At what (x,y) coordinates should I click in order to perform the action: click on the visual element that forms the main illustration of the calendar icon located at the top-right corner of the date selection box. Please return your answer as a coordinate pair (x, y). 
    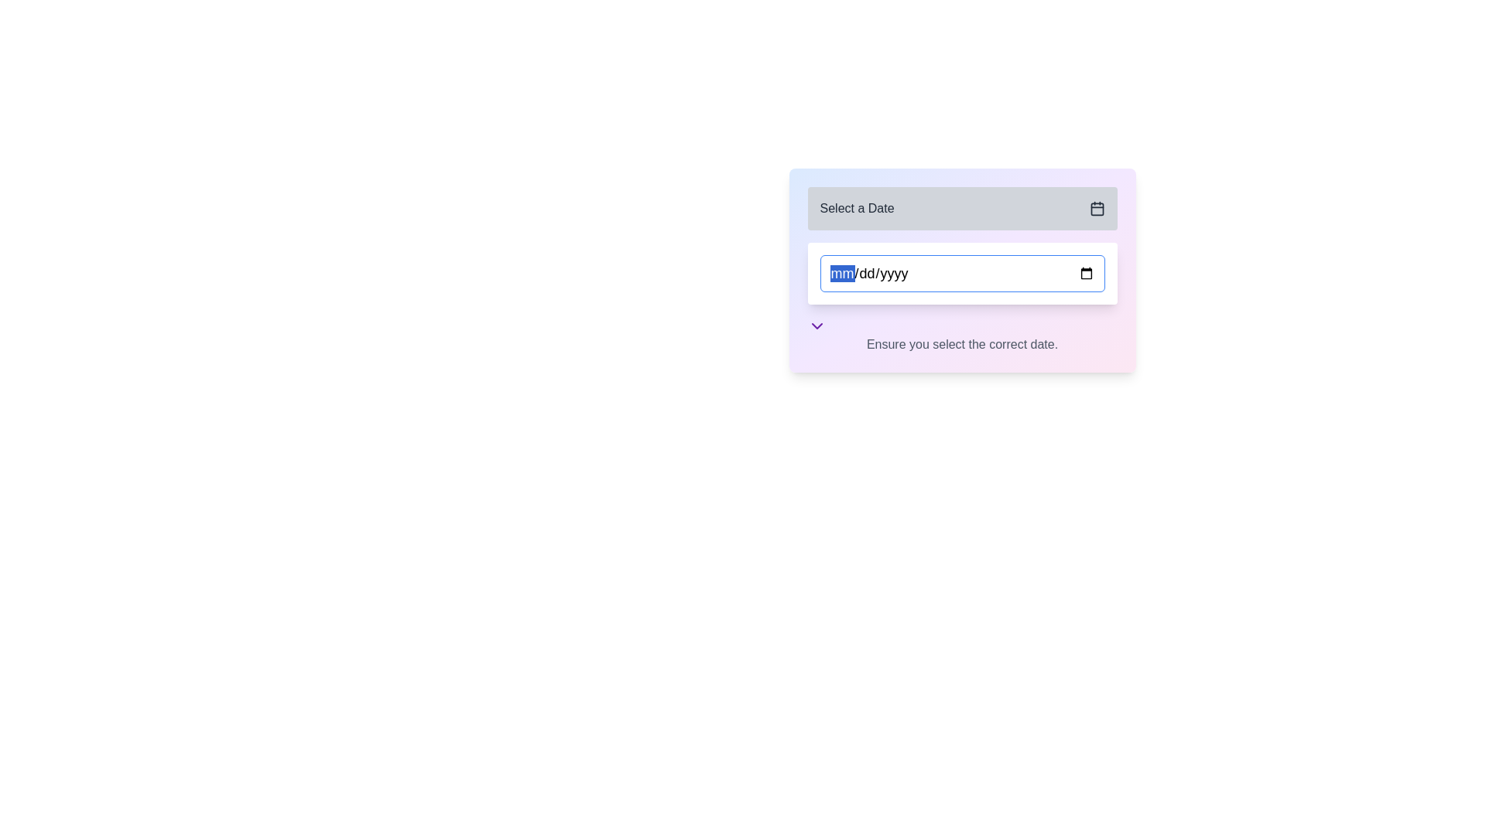
    Looking at the image, I should click on (1096, 209).